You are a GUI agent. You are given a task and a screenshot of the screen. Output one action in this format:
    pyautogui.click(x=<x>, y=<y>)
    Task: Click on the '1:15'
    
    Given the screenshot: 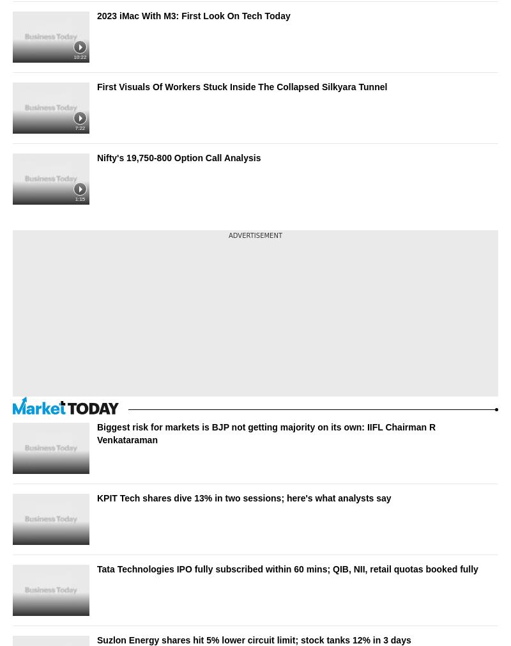 What is the action you would take?
    pyautogui.click(x=73, y=199)
    